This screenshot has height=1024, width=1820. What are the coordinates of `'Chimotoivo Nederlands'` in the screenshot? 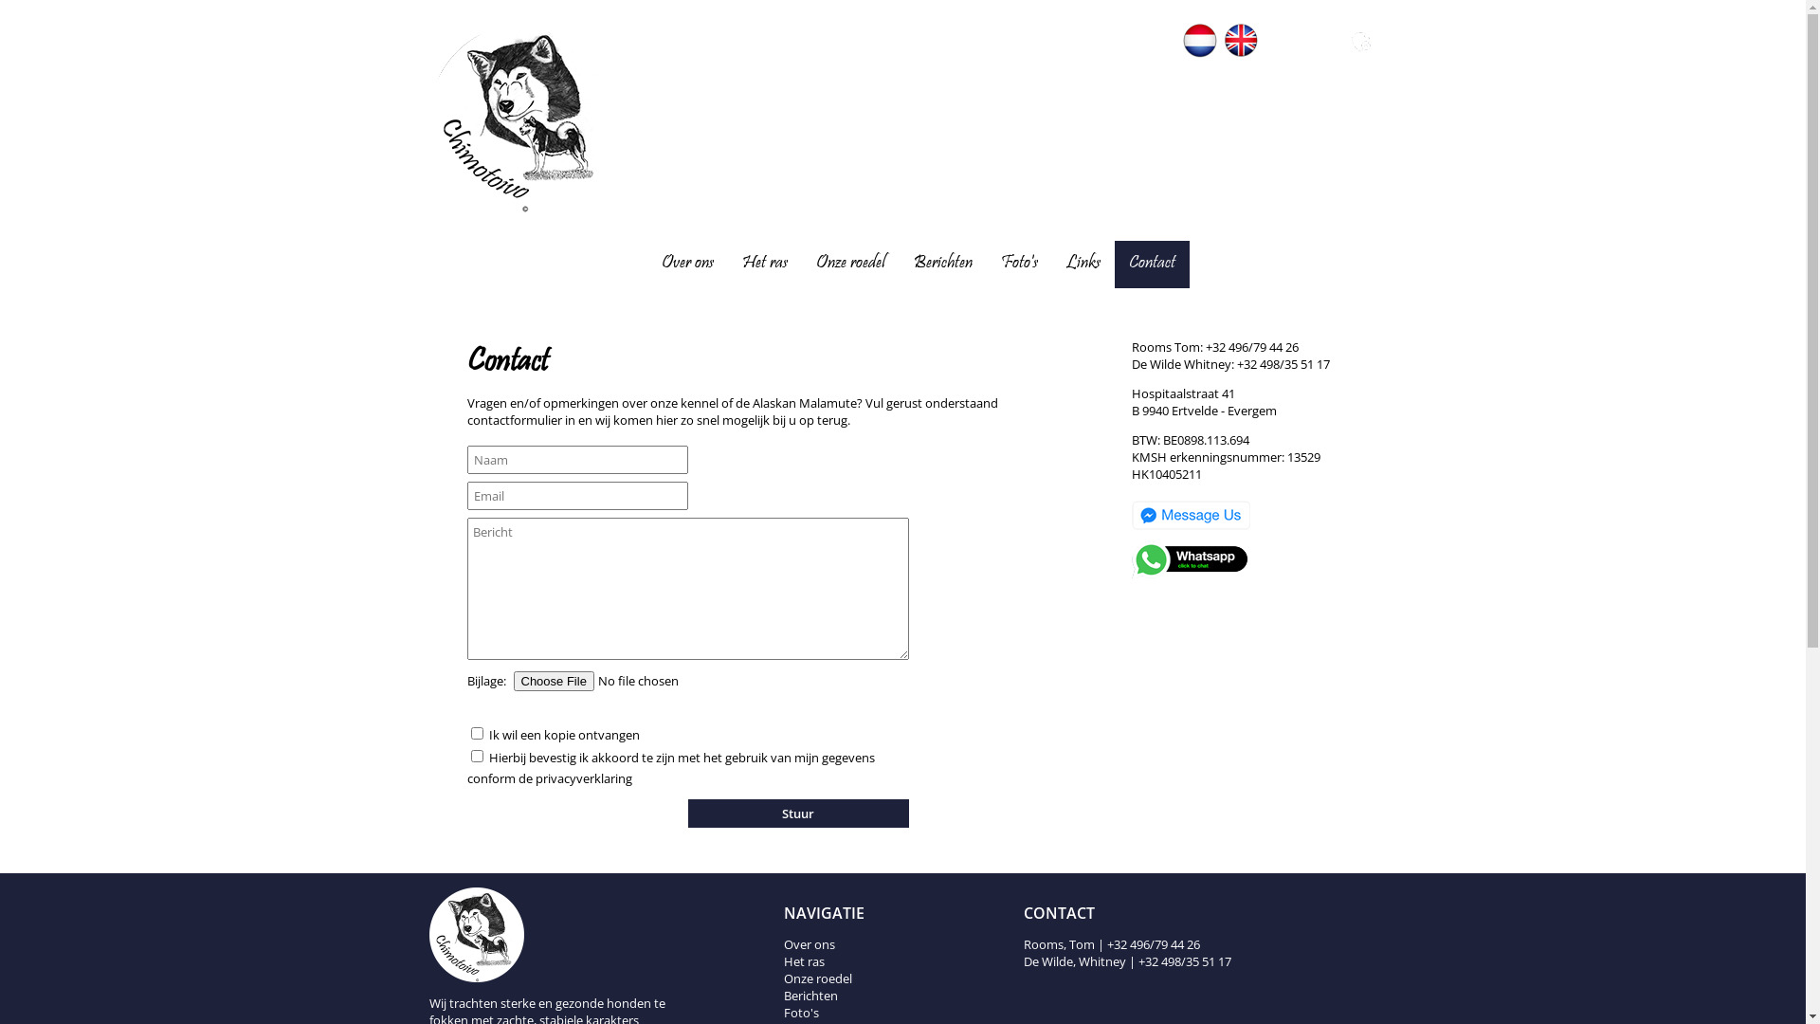 It's located at (1182, 40).